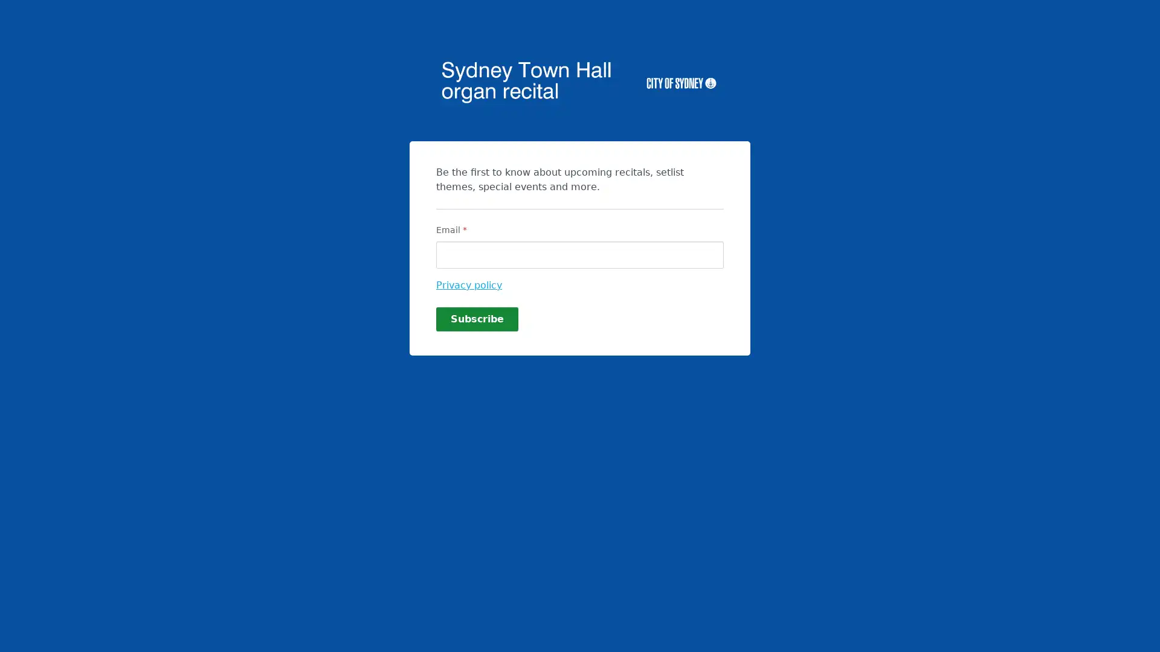 The width and height of the screenshot is (1160, 652). Describe the element at coordinates (477, 318) in the screenshot. I see `Subscribe` at that location.